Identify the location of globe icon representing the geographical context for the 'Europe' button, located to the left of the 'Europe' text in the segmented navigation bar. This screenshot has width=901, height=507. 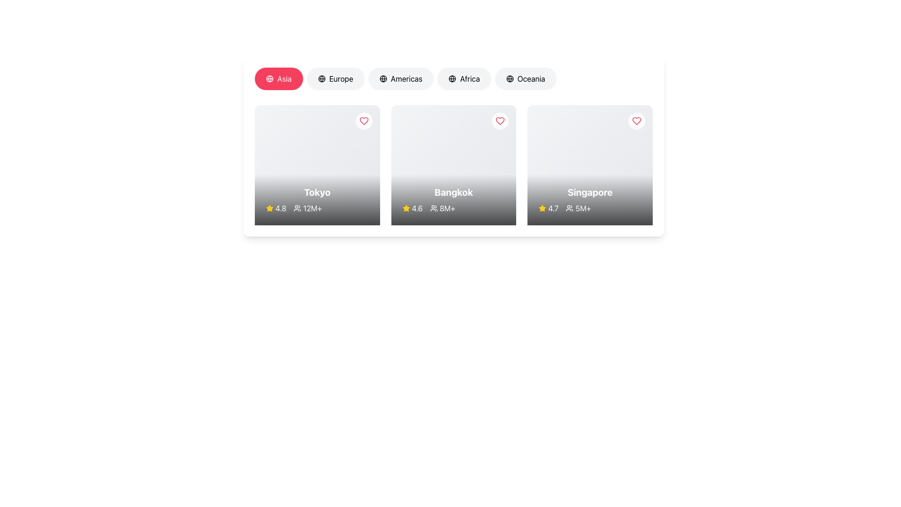
(321, 78).